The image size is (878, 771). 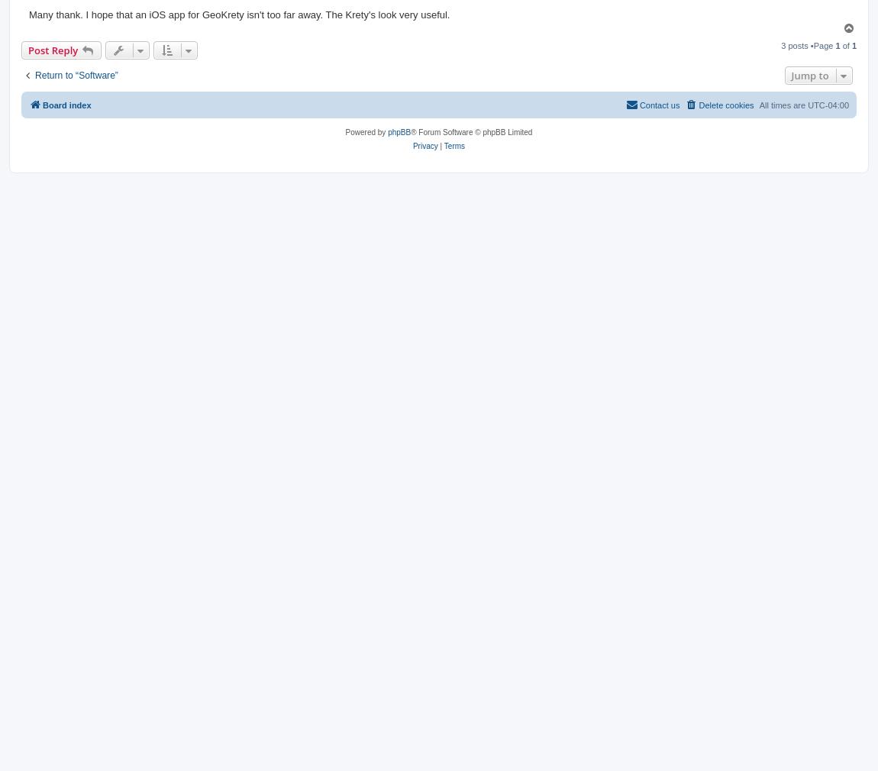 I want to click on 'Terms', so click(x=454, y=145).